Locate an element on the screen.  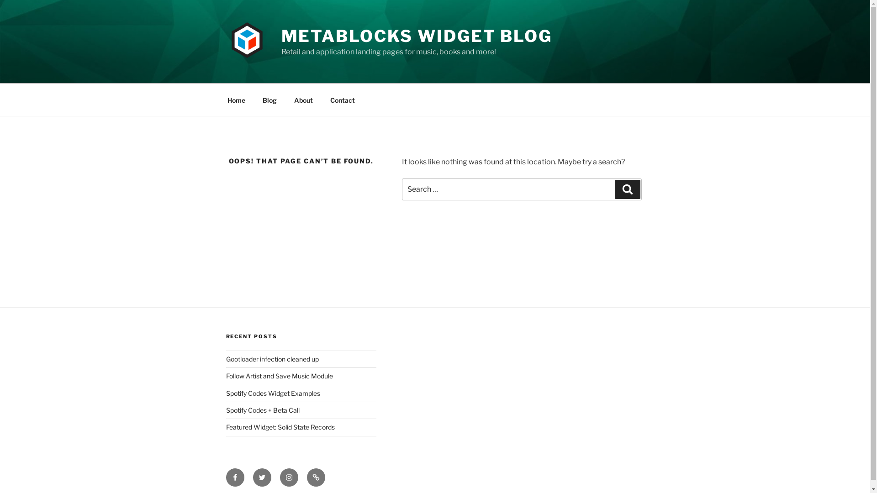
'Search' is located at coordinates (627, 189).